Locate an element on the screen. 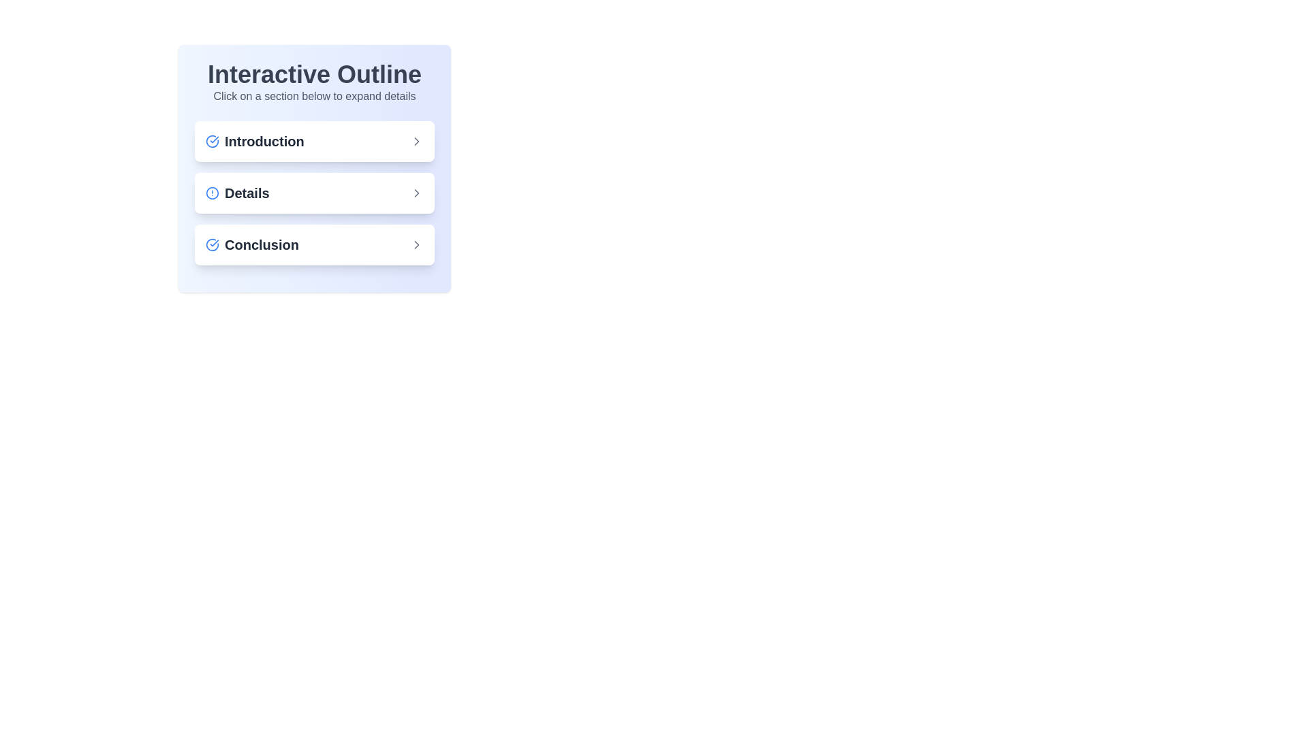 Image resolution: width=1308 pixels, height=735 pixels. the right-pointing chevron icon within the 'Details' section button, which is located on the right side of the outlined interactive block layout is located at coordinates (416, 193).